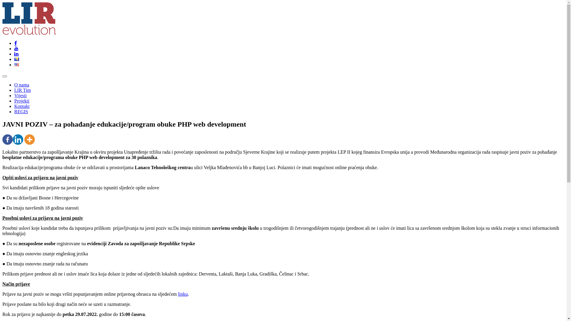 The image size is (571, 321). What do you see at coordinates (29, 139) in the screenshot?
I see `'More'` at bounding box center [29, 139].